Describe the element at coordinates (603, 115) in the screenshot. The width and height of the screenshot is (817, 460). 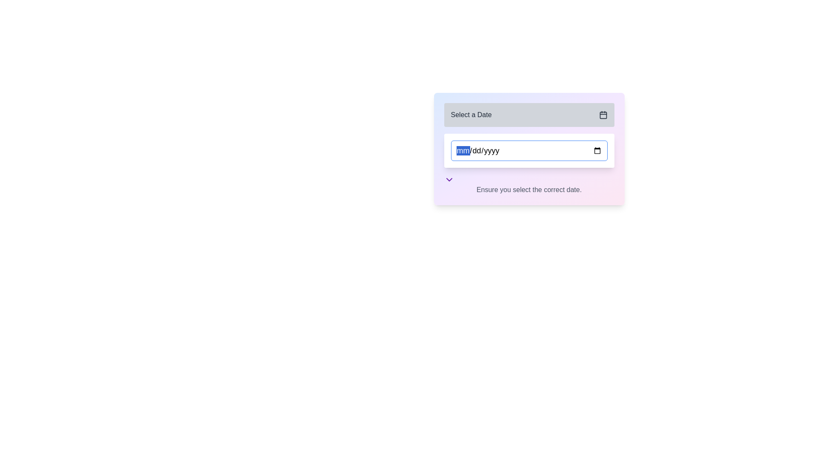
I see `the icon located at the far right end of the gray header bar labeled 'Select a Date'` at that location.